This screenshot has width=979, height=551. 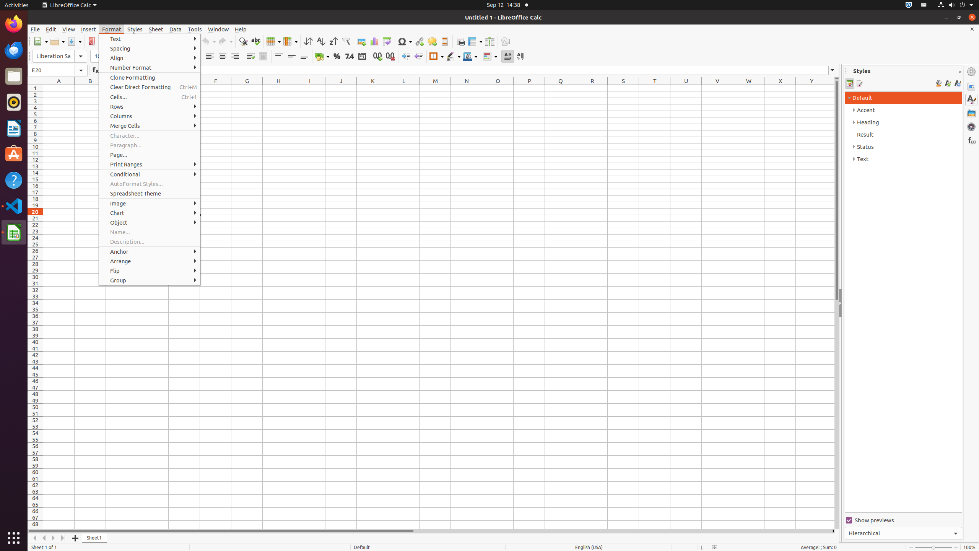 What do you see at coordinates (520, 56) in the screenshot?
I see `'Text direction from top to bottom'` at bounding box center [520, 56].